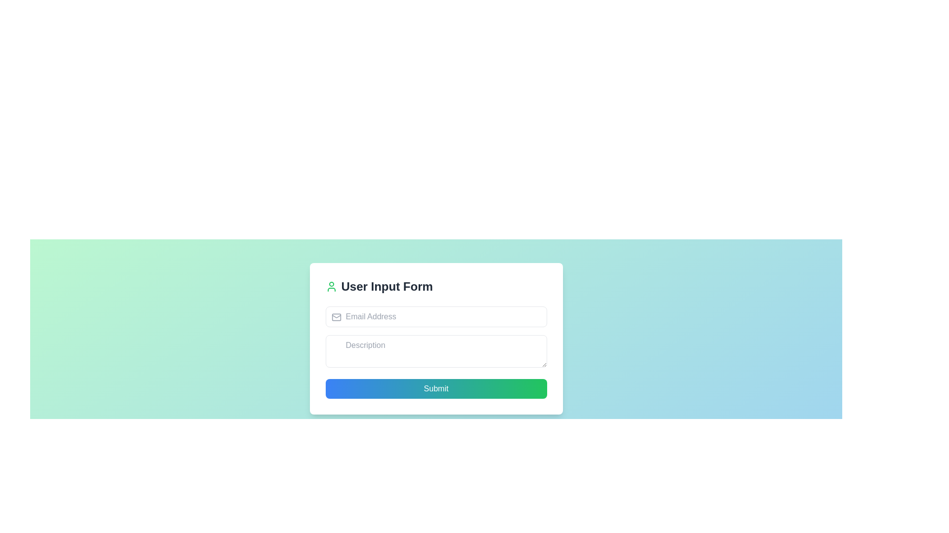 This screenshot has width=949, height=533. I want to click on the email address icon located to the left inside the bordered text input field labeled 'Email Address' in the user input form, so click(336, 317).